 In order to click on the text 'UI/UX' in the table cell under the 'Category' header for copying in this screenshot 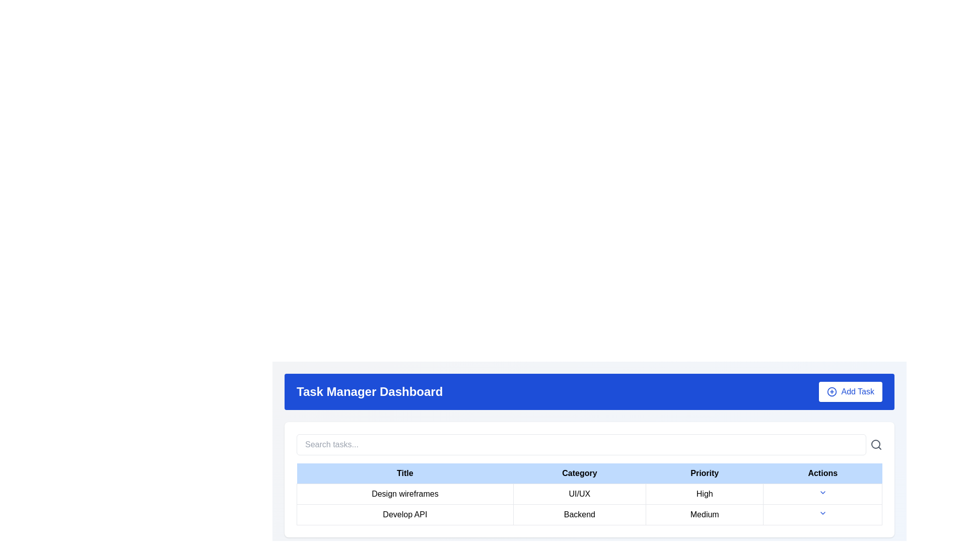, I will do `click(589, 493)`.